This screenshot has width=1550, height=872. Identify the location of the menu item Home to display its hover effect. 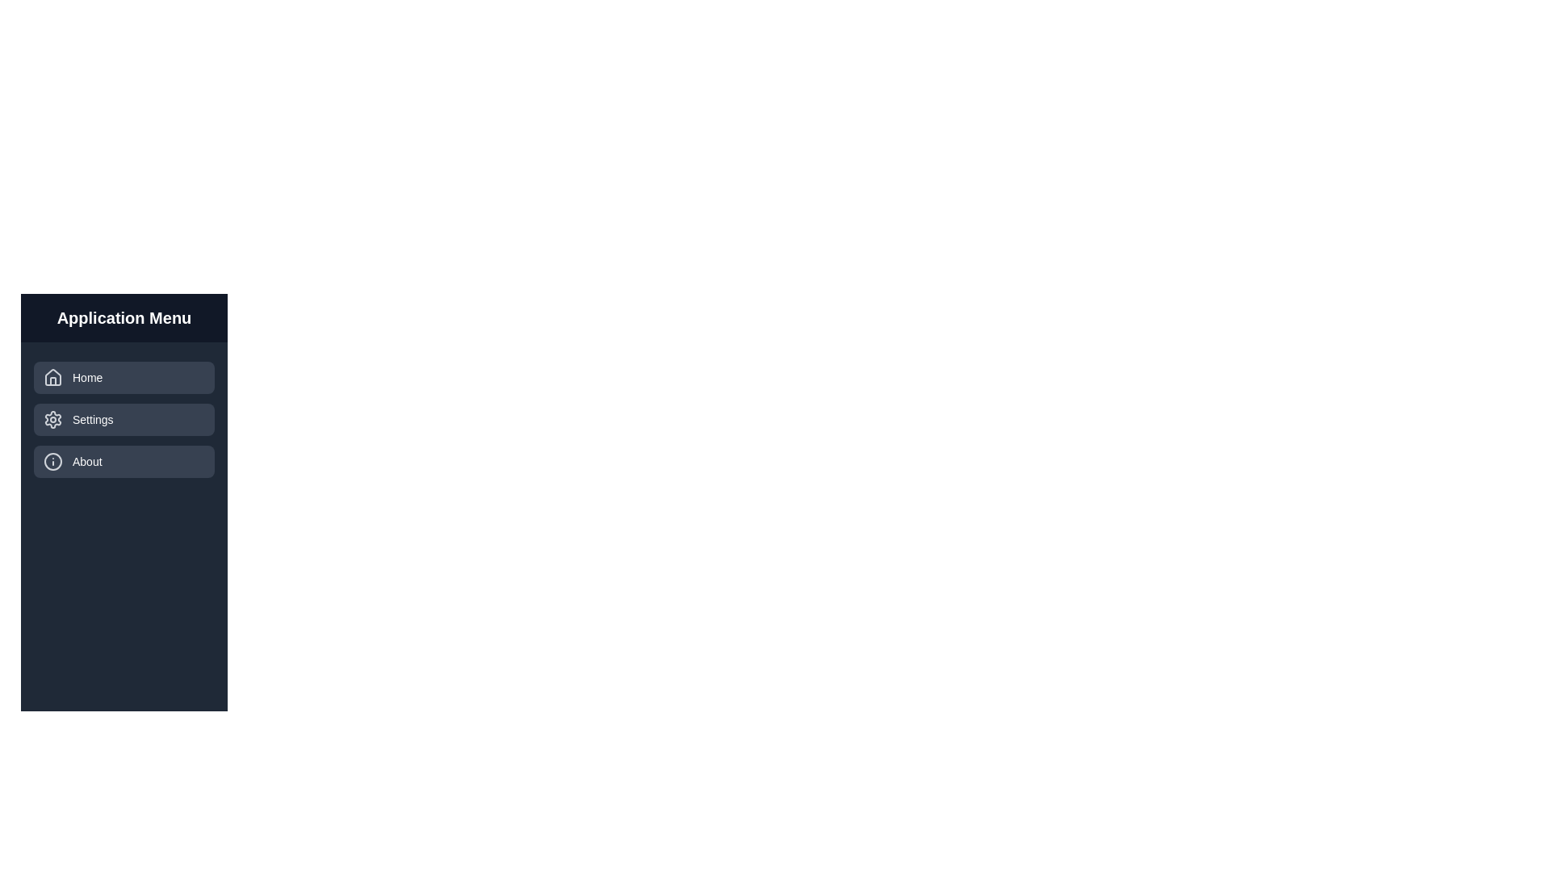
(123, 377).